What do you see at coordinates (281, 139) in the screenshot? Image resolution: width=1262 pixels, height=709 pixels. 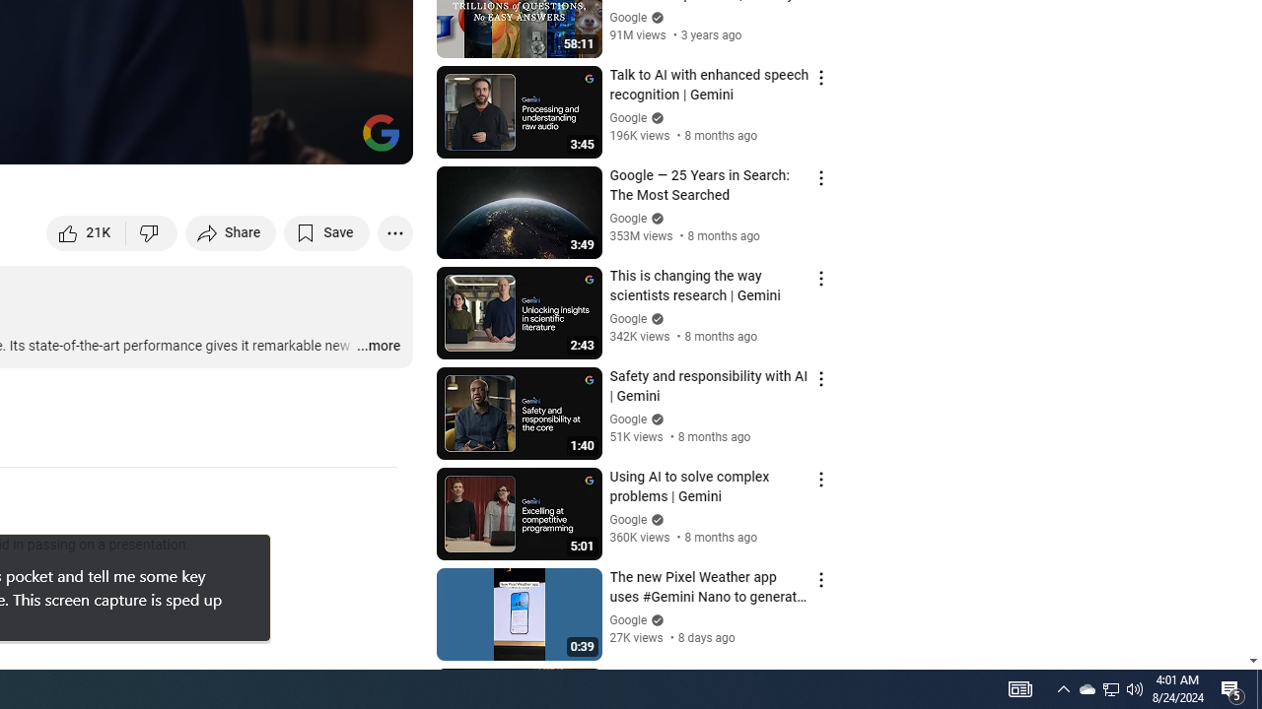 I see `'Miniplayer (i)'` at bounding box center [281, 139].